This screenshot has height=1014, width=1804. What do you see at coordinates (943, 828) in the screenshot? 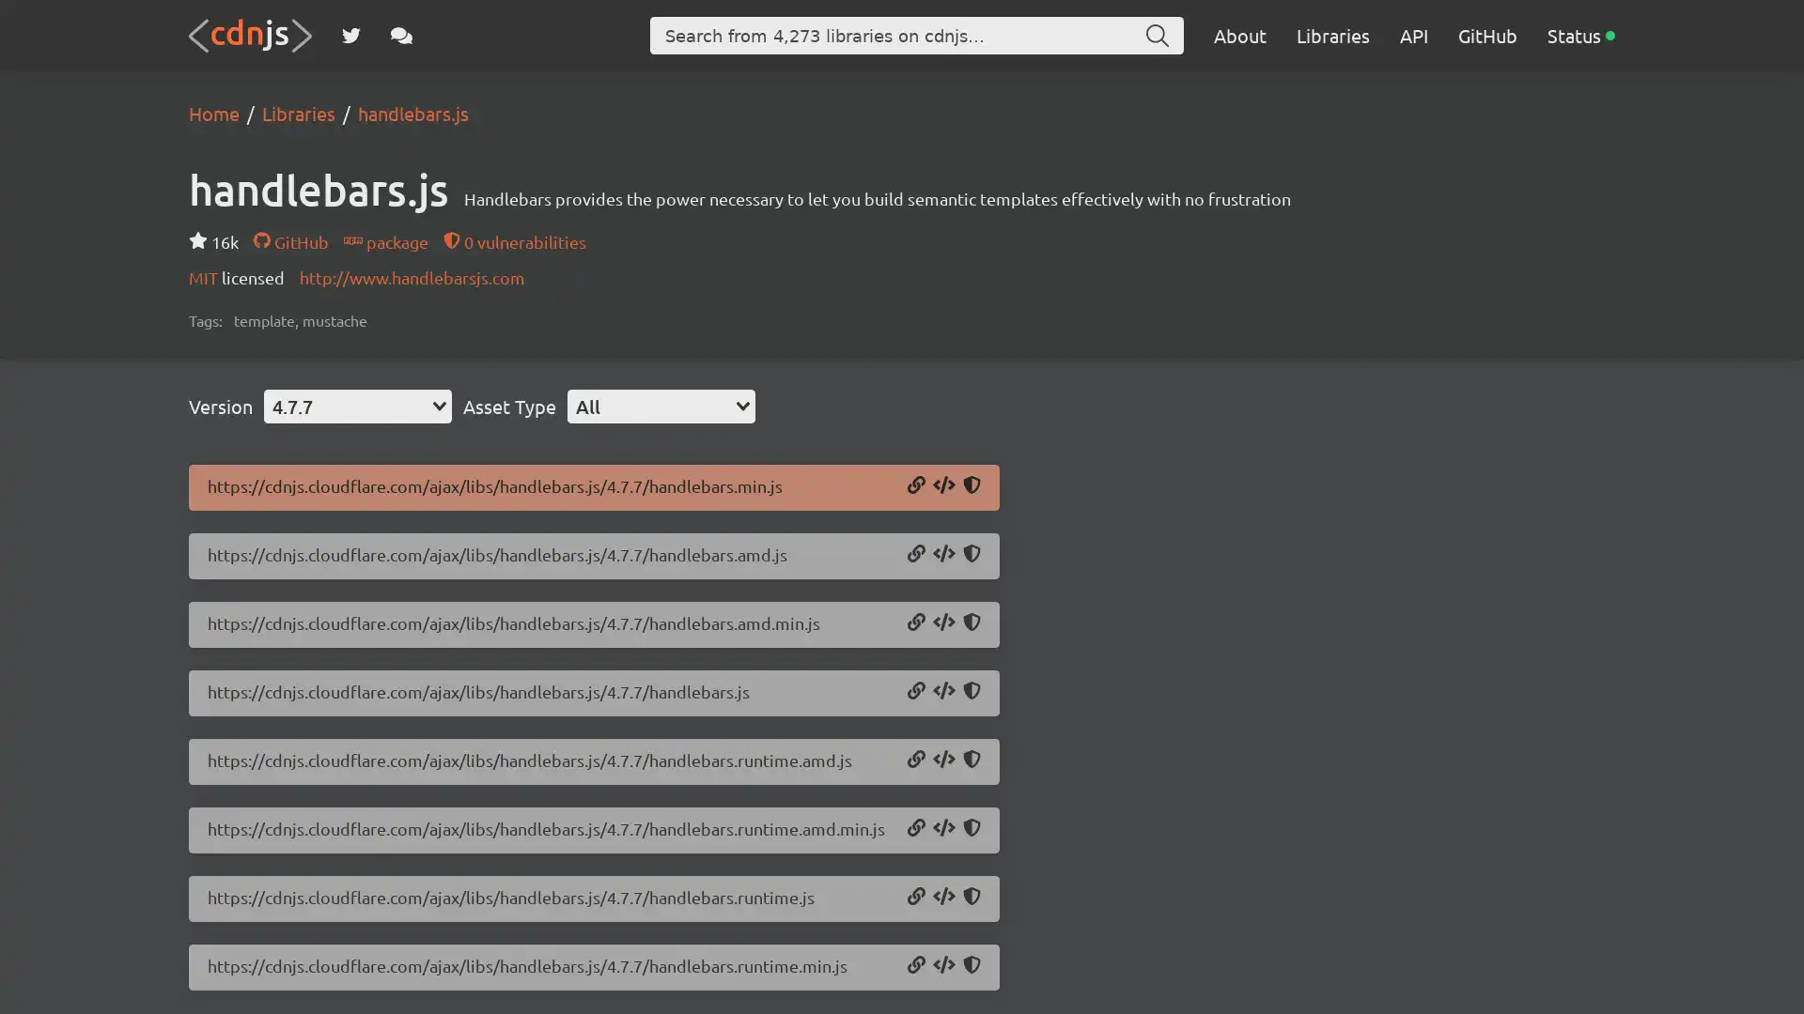
I see `Copy Script Tag` at bounding box center [943, 828].